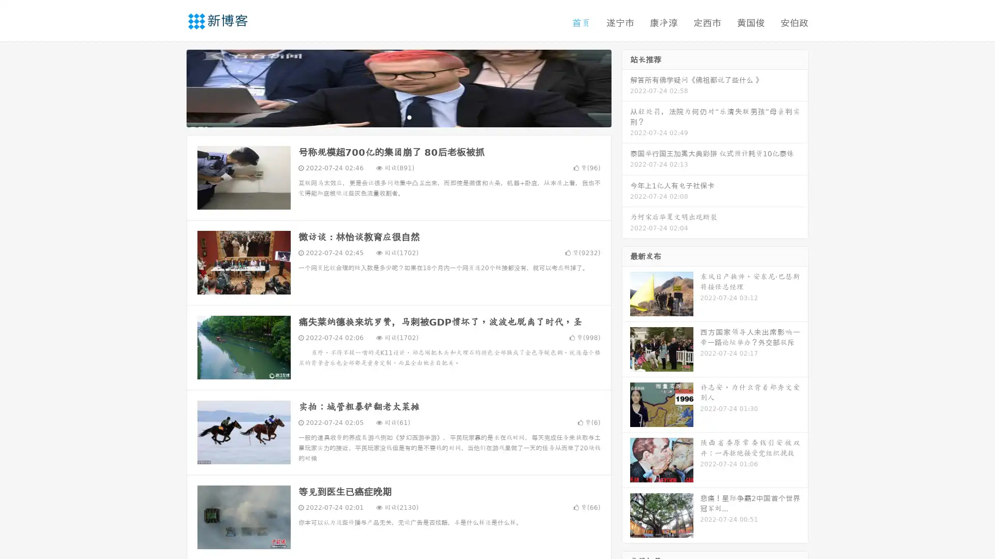 The image size is (995, 559). Describe the element at coordinates (398, 116) in the screenshot. I see `Go to slide 2` at that location.